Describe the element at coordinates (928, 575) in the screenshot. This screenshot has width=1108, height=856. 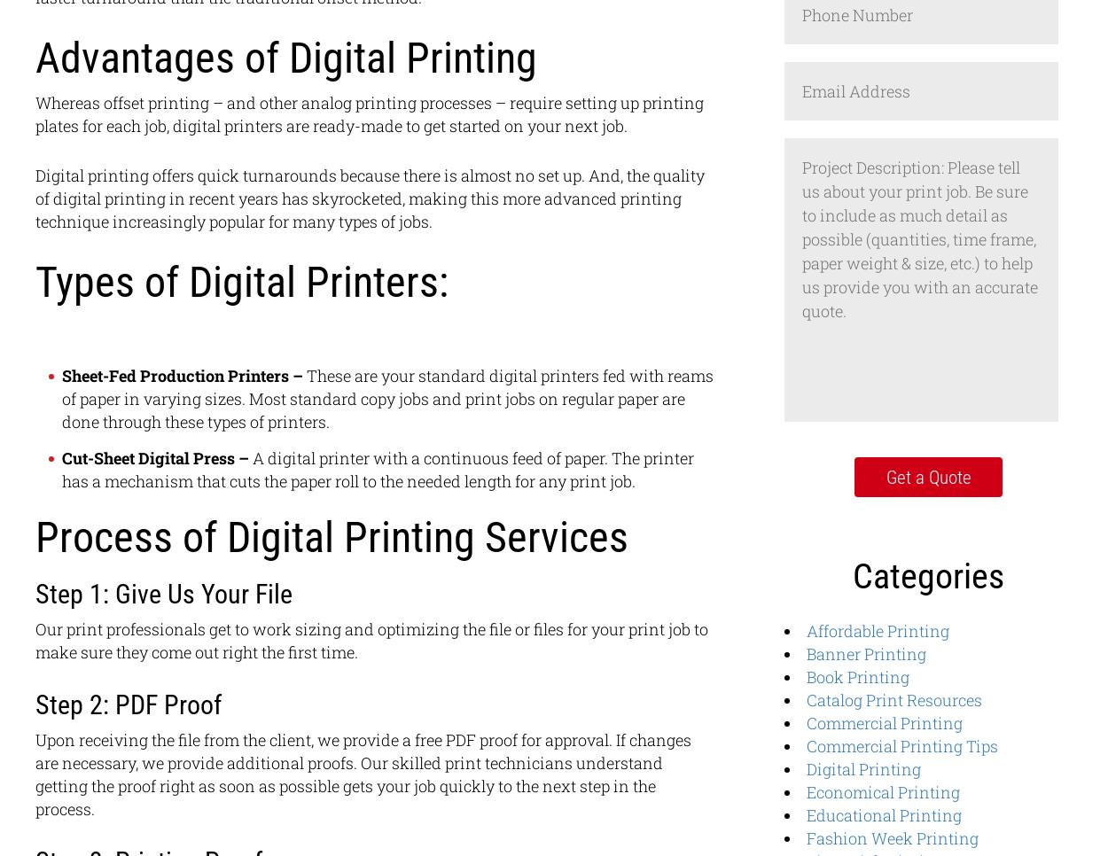
I see `'Categories'` at that location.